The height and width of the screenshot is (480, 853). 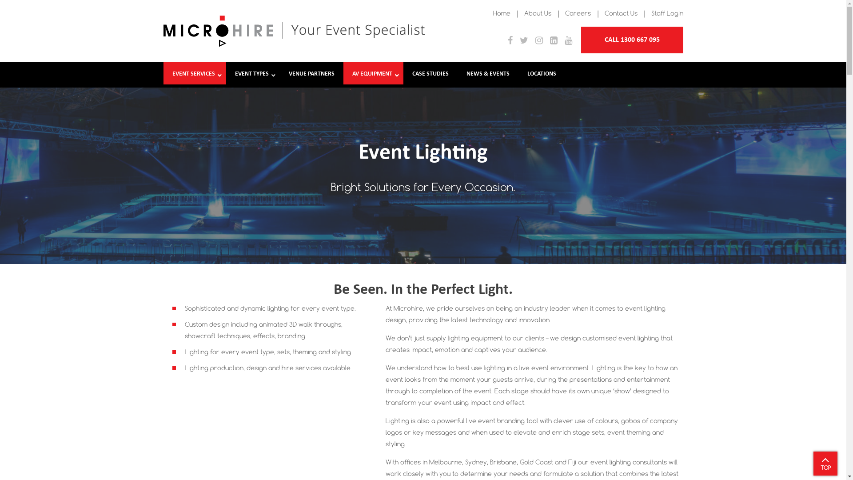 What do you see at coordinates (311, 74) in the screenshot?
I see `'VENUE PARTNERS'` at bounding box center [311, 74].